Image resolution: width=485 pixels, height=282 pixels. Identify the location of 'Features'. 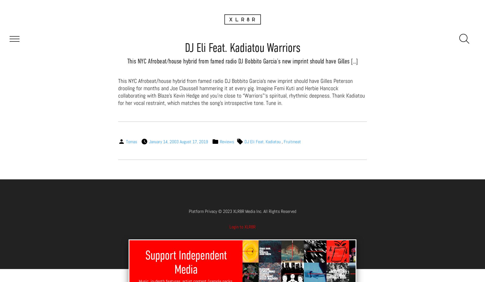
(231, 38).